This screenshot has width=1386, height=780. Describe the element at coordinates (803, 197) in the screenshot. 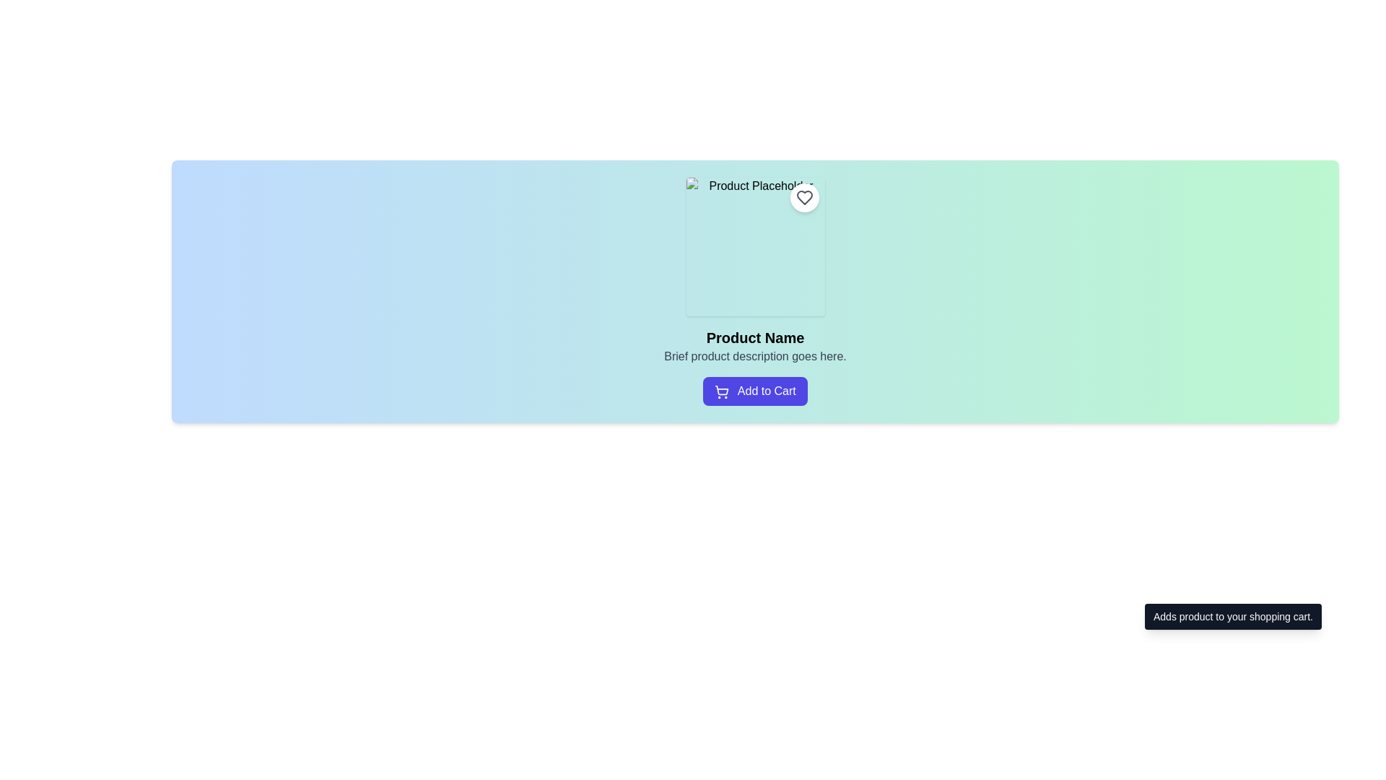

I see `the SVG Heart Icon located in the top-right corner of the product image section to mark the product as a favorite` at that location.